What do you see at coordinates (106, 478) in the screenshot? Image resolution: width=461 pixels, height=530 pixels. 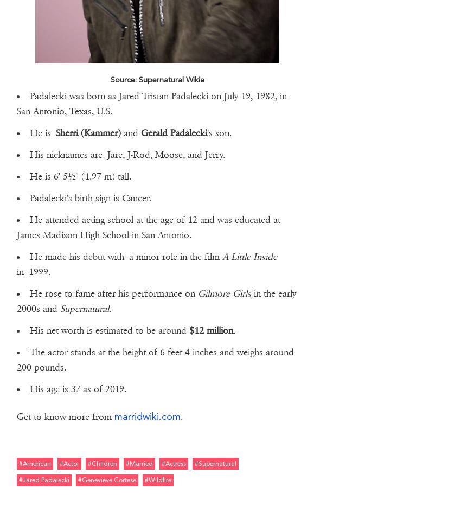 I see `'#genevieve cortese'` at bounding box center [106, 478].